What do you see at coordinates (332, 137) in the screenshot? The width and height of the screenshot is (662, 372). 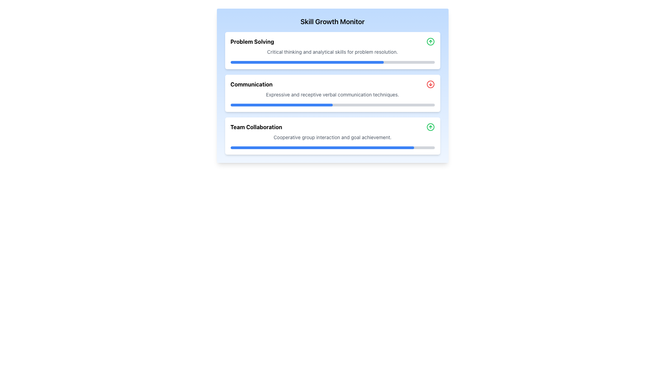 I see `the text label that describes the 'Team Collaboration' metric, positioned below the section header and above the progress bar in the third section of the interface` at bounding box center [332, 137].